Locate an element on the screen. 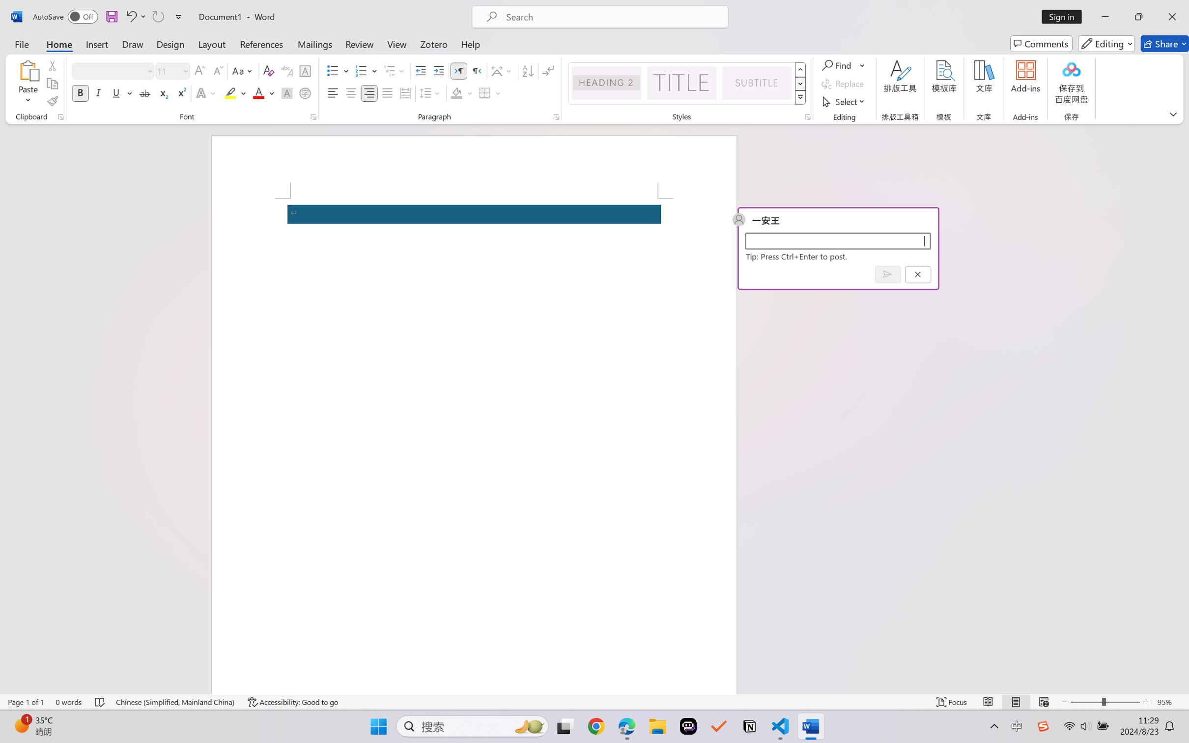  'Text Highlight Color RGB(255, 255, 0)' is located at coordinates (230, 92).